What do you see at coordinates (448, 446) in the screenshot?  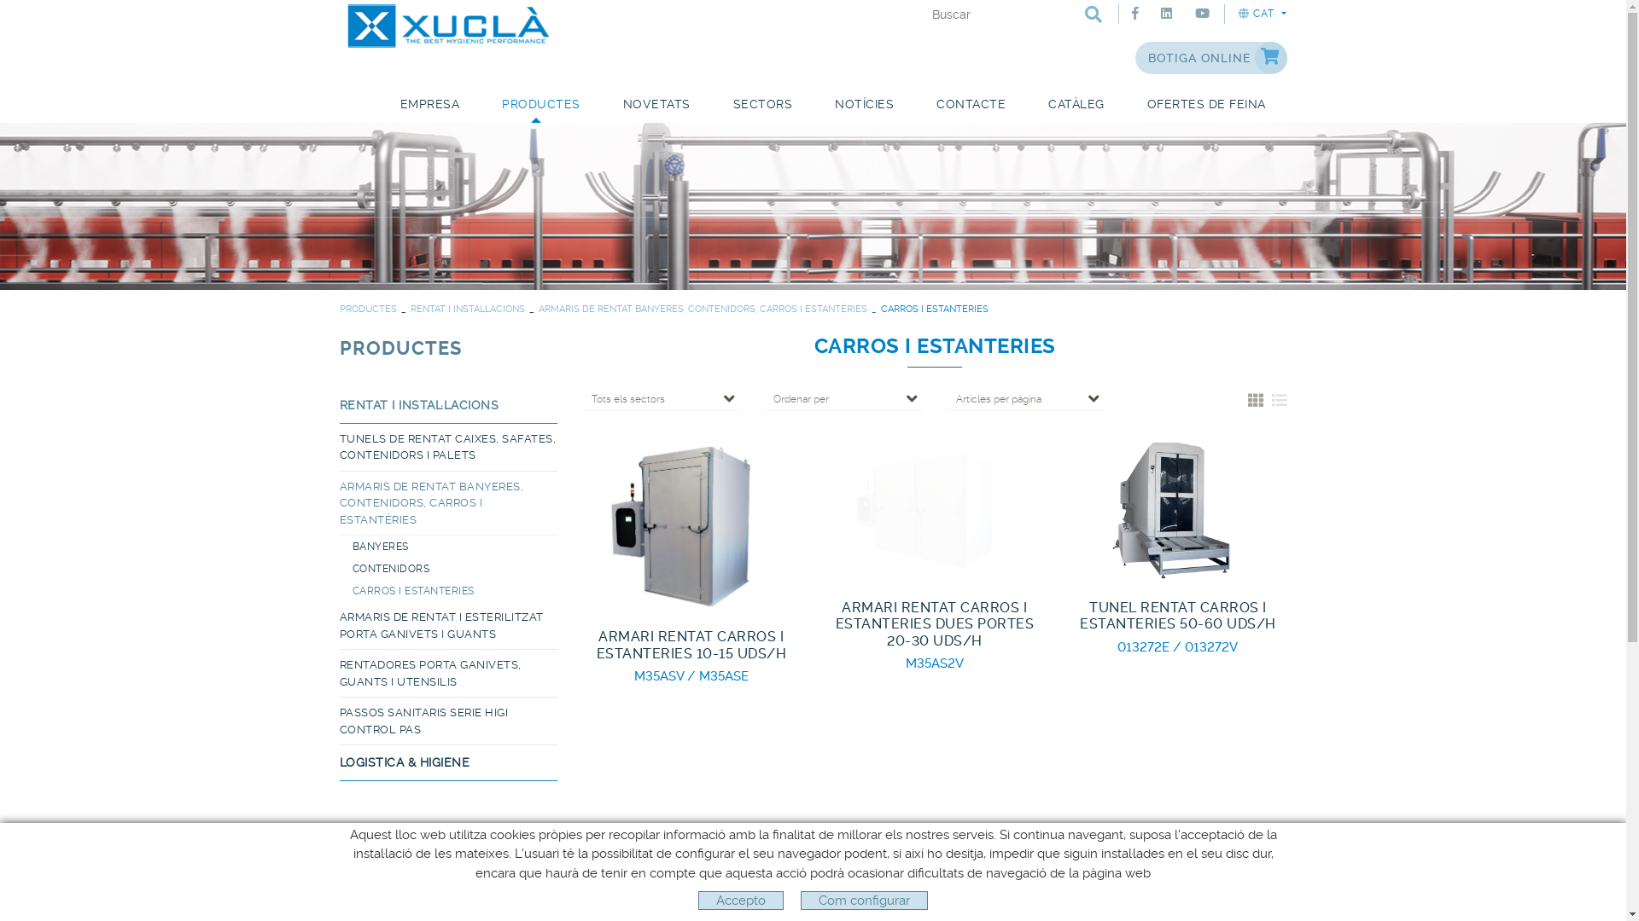 I see `'TUNELS DE RENTAT CAIXES, SAFATES, CONTENIDORS I PALETS'` at bounding box center [448, 446].